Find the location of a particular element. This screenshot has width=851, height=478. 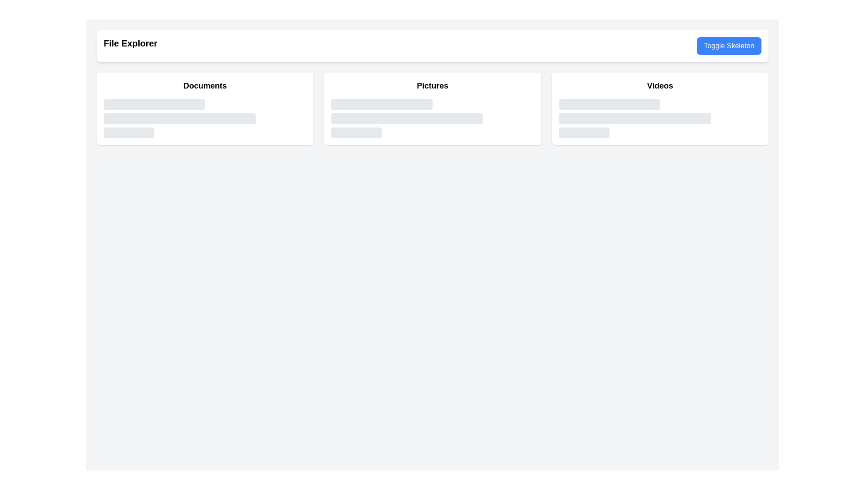

the 'Documents' section card, which is the first card in a row of three, serving as a category indicator is located at coordinates (204, 108).